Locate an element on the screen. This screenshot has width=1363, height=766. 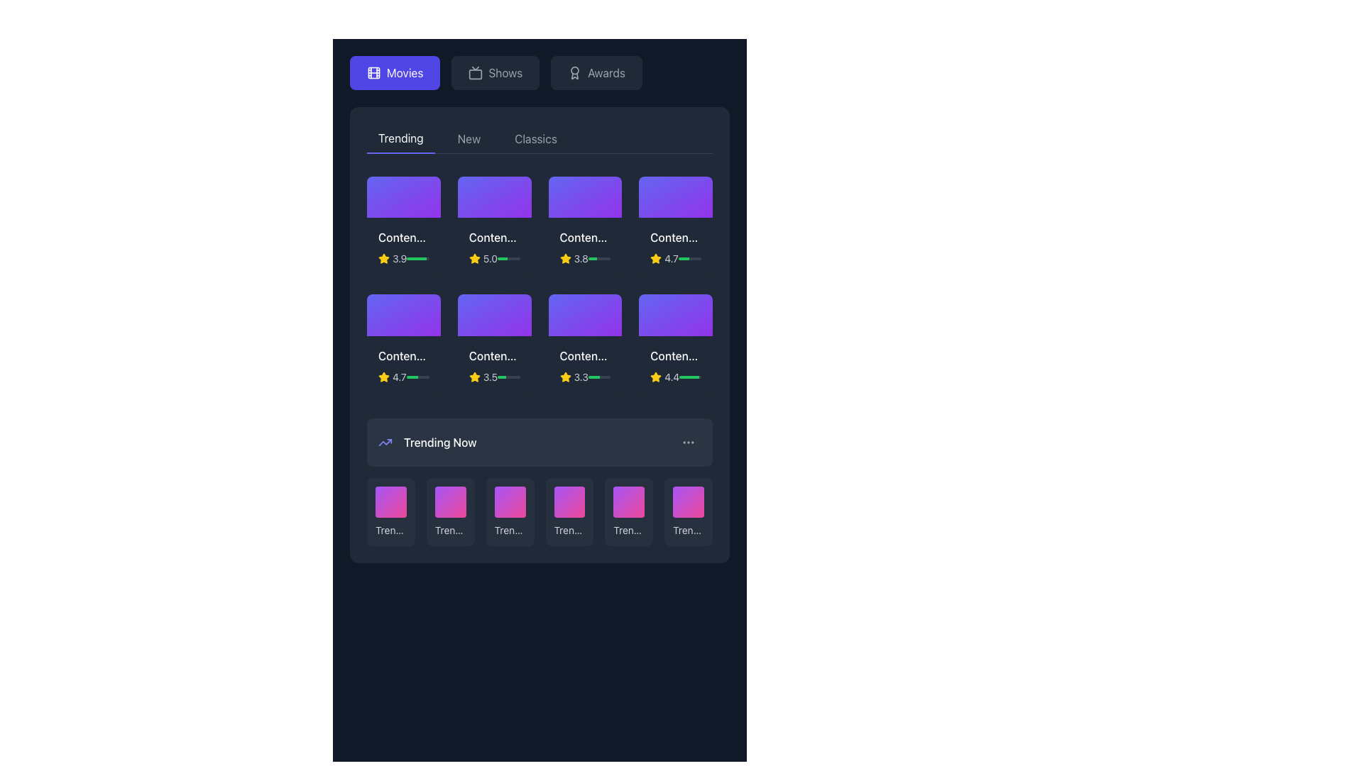
the star icon representing a rating of 3.8, located in the second row and third column of the grid view is located at coordinates (564, 259).